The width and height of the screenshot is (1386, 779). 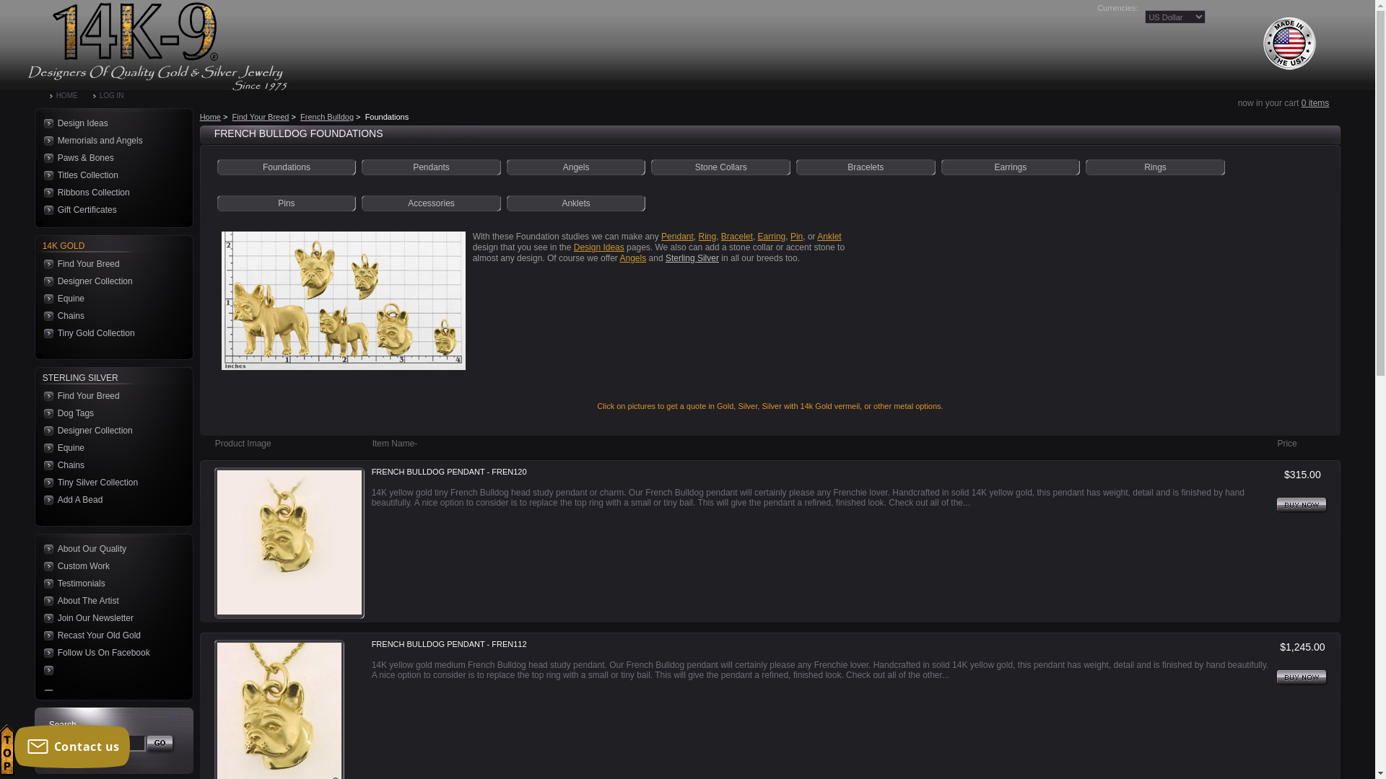 I want to click on 'Chains', so click(x=109, y=315).